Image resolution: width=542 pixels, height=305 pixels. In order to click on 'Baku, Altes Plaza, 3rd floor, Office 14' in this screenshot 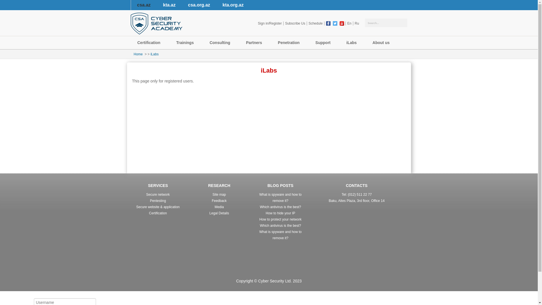, I will do `click(356, 200)`.